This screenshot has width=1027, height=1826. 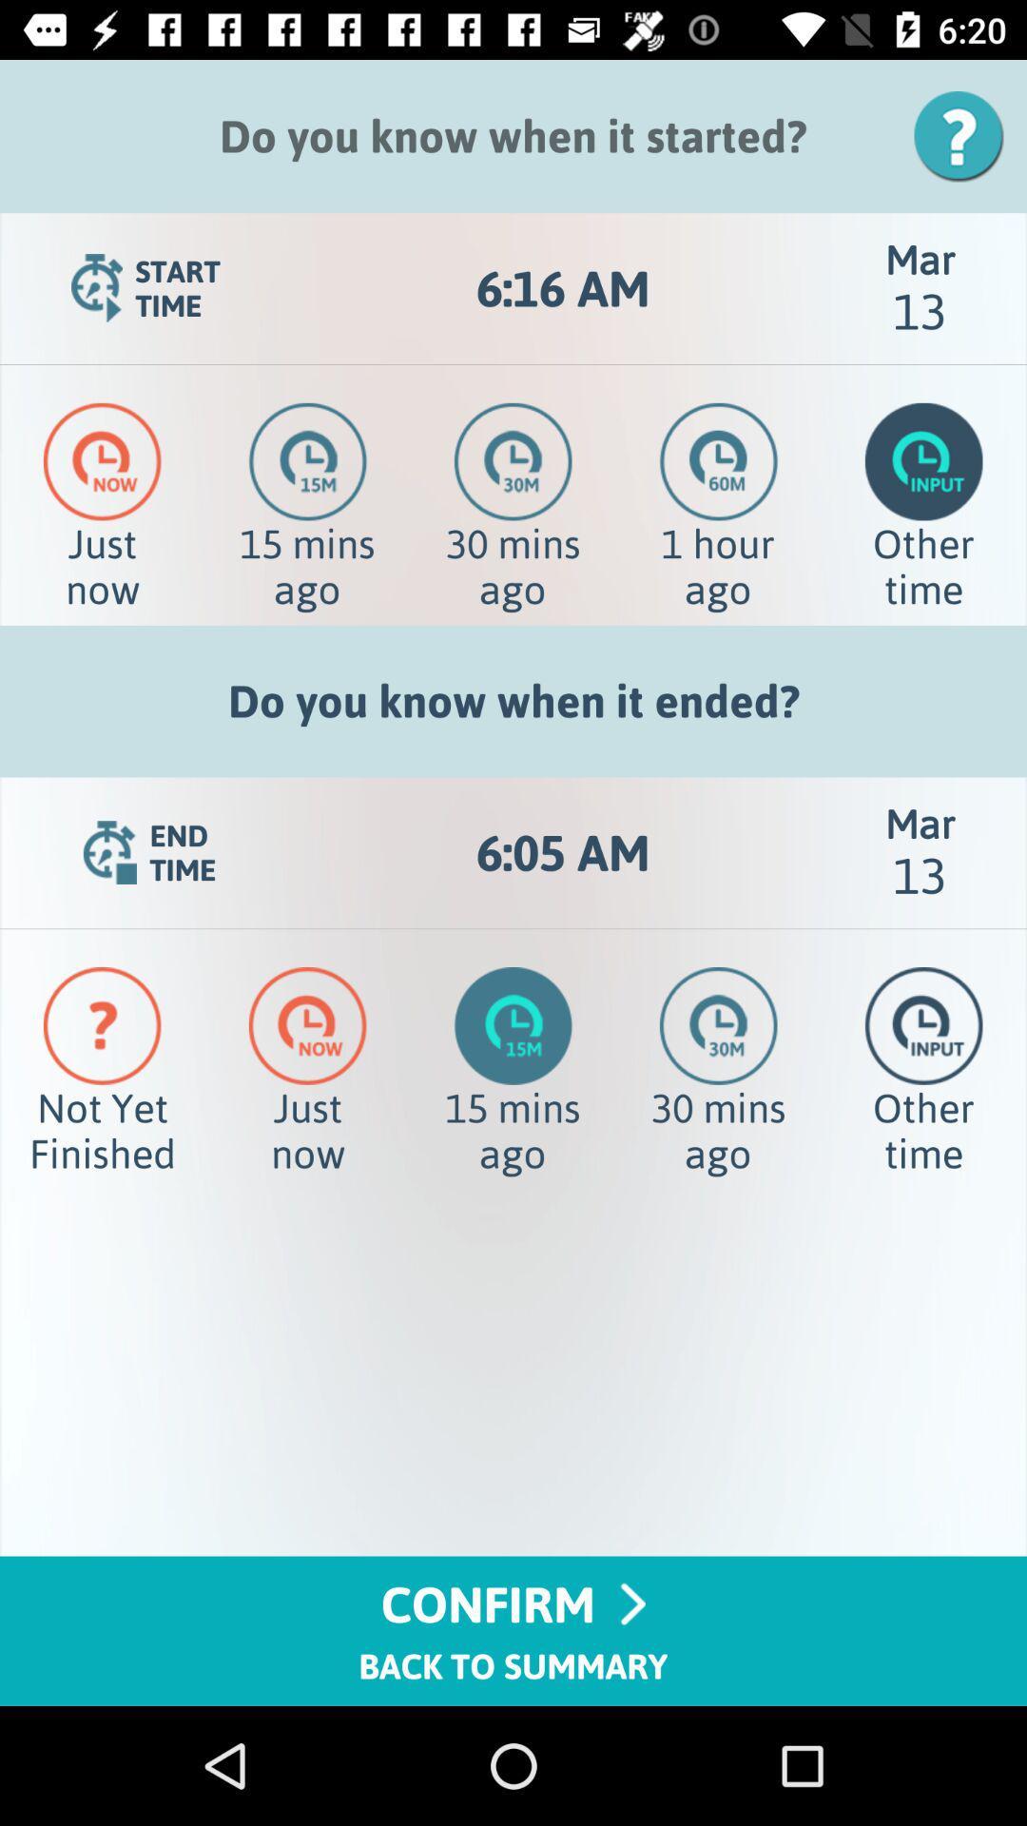 What do you see at coordinates (102, 1024) in the screenshot?
I see `the help icon` at bounding box center [102, 1024].